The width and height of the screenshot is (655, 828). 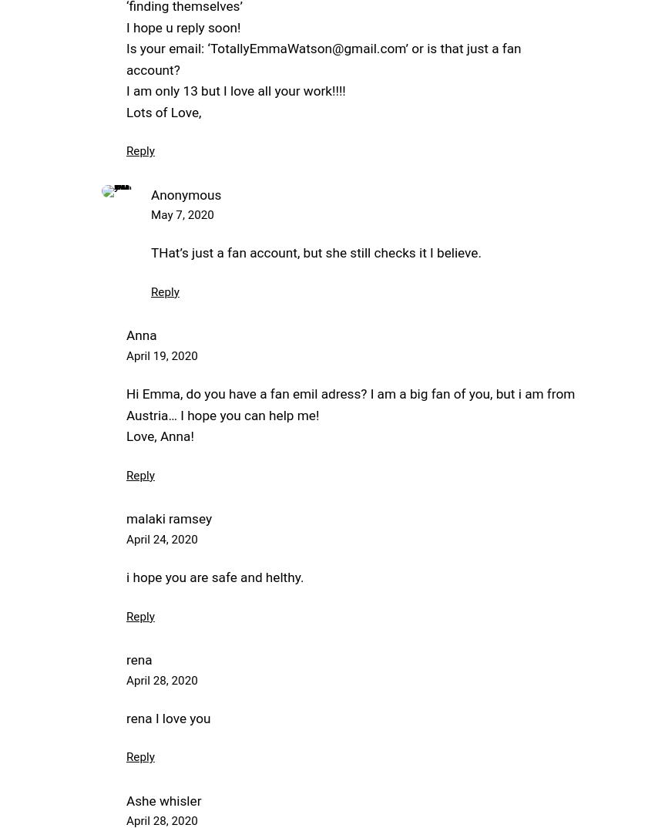 I want to click on 'rena I love you', so click(x=168, y=718).